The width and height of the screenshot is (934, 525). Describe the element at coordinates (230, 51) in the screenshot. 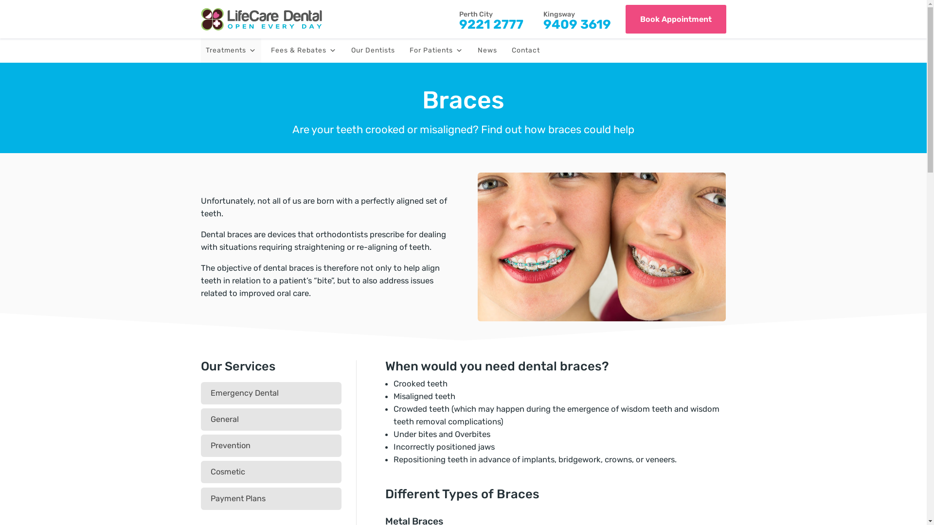

I see `'Treatments'` at that location.